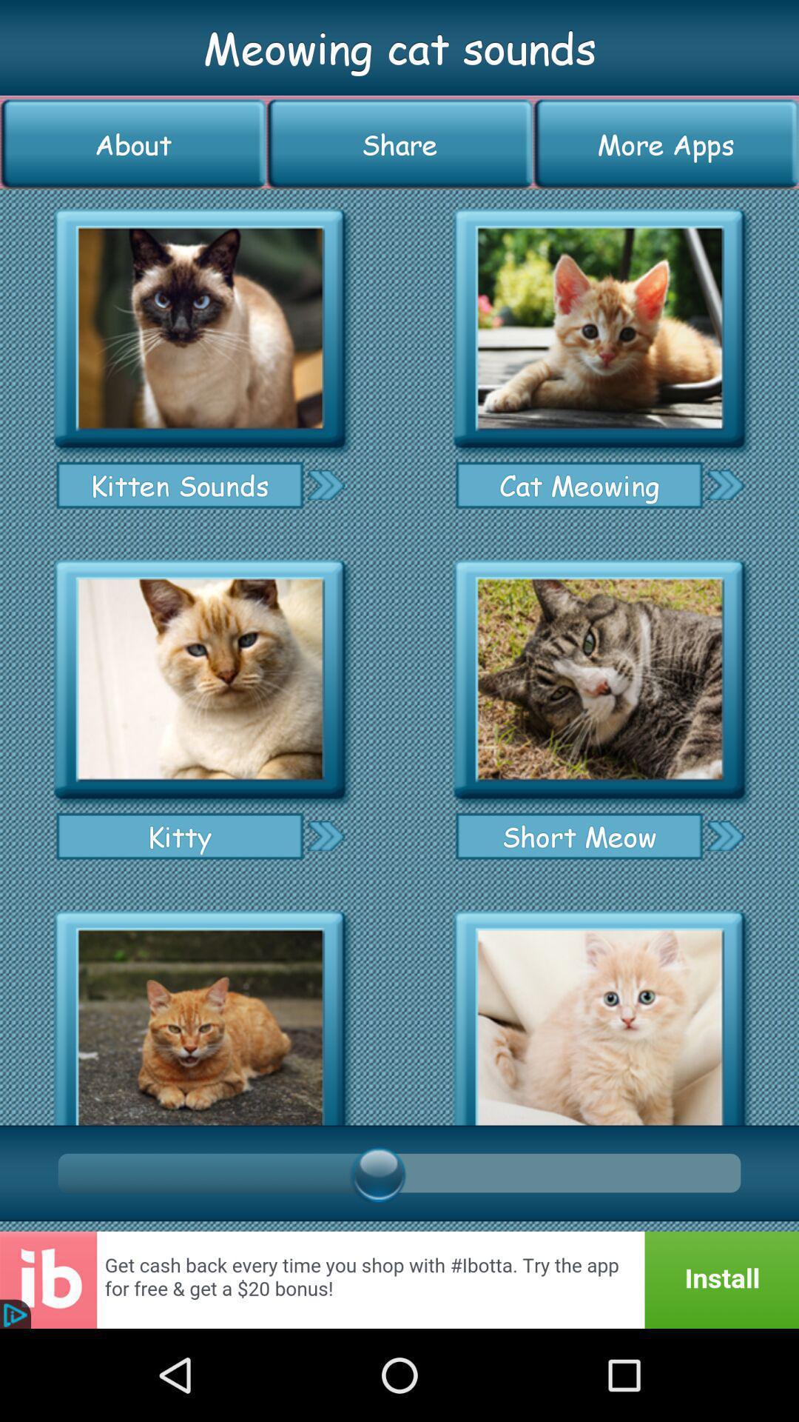 This screenshot has height=1422, width=799. I want to click on the icon next to the share button, so click(666, 144).